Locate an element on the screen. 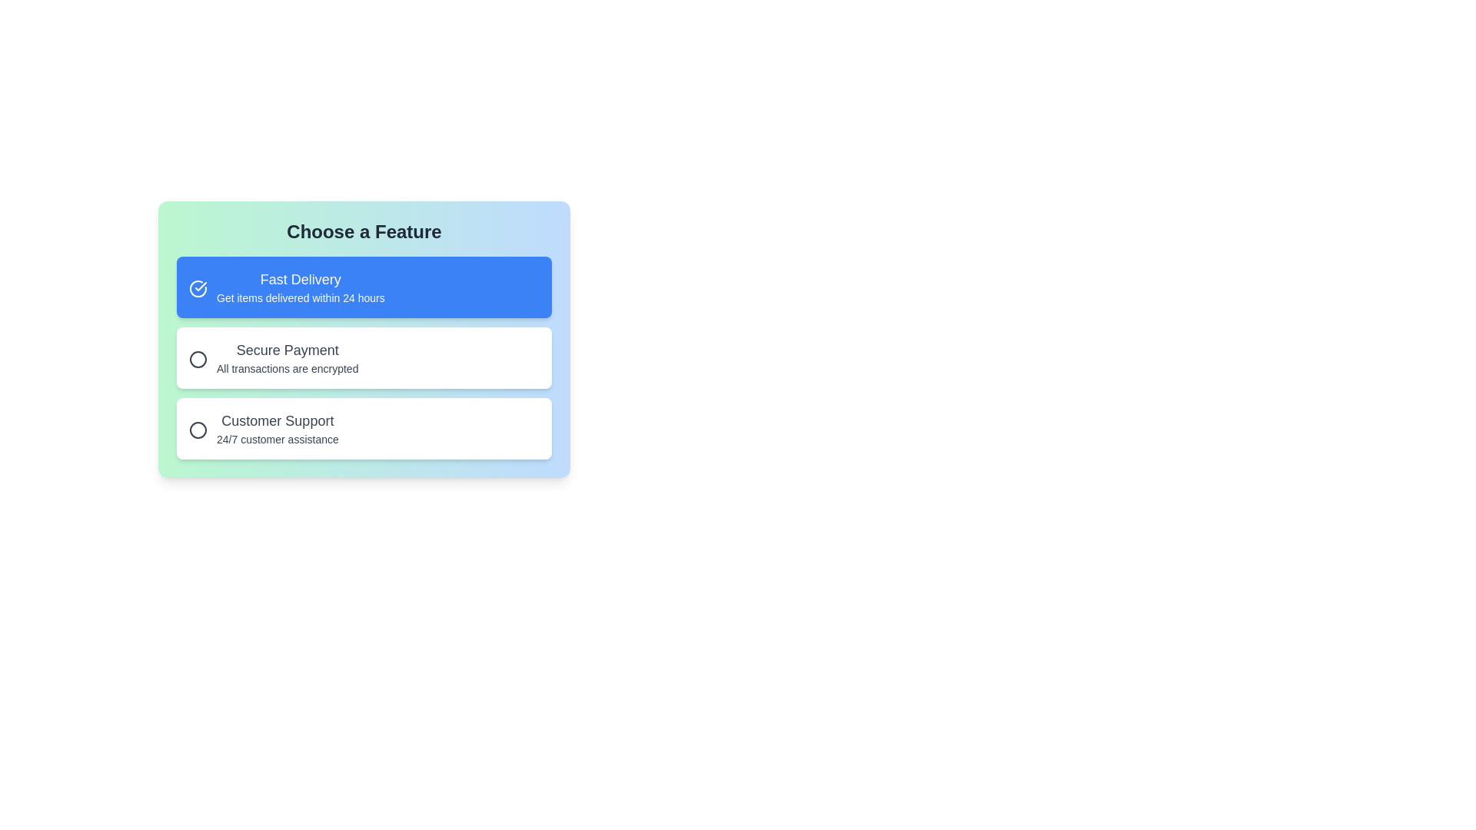 The height and width of the screenshot is (830, 1476). title of the text label displaying 'Secure Payment', which is part of the feature selection panel and is centrally located above the descriptor 'All transactions are encrypted' is located at coordinates (288, 350).